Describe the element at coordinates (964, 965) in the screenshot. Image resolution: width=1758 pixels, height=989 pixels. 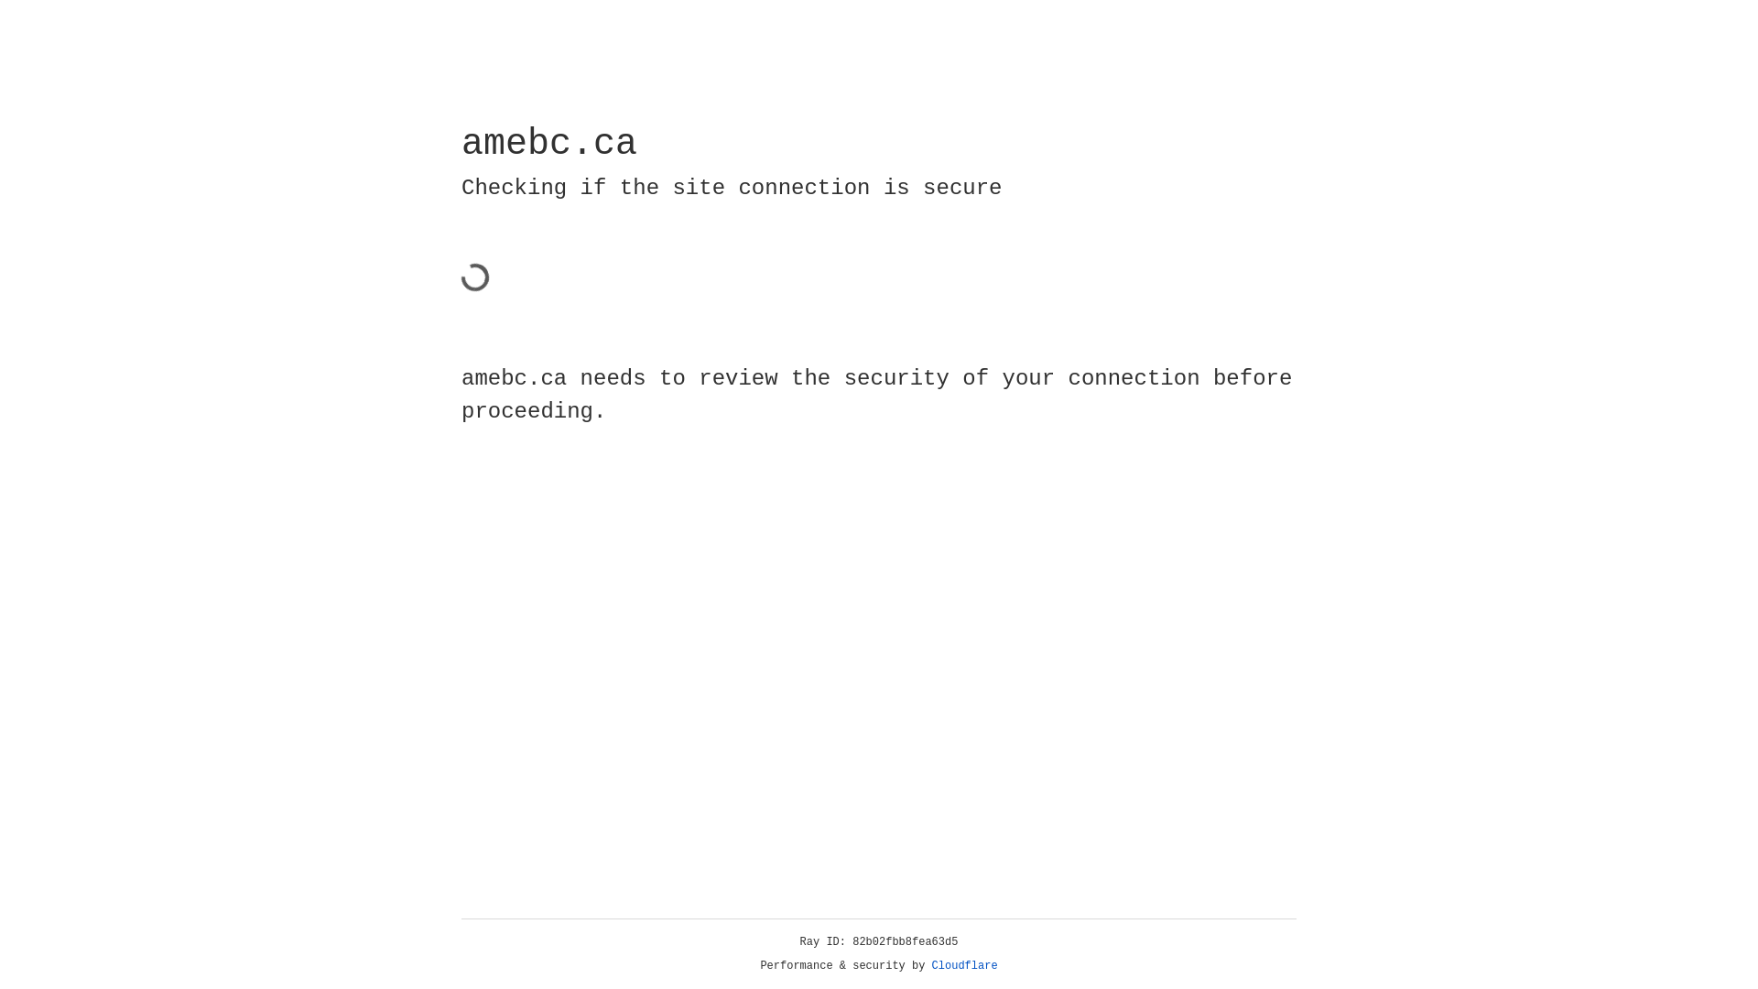
I see `'Cloudflare'` at that location.